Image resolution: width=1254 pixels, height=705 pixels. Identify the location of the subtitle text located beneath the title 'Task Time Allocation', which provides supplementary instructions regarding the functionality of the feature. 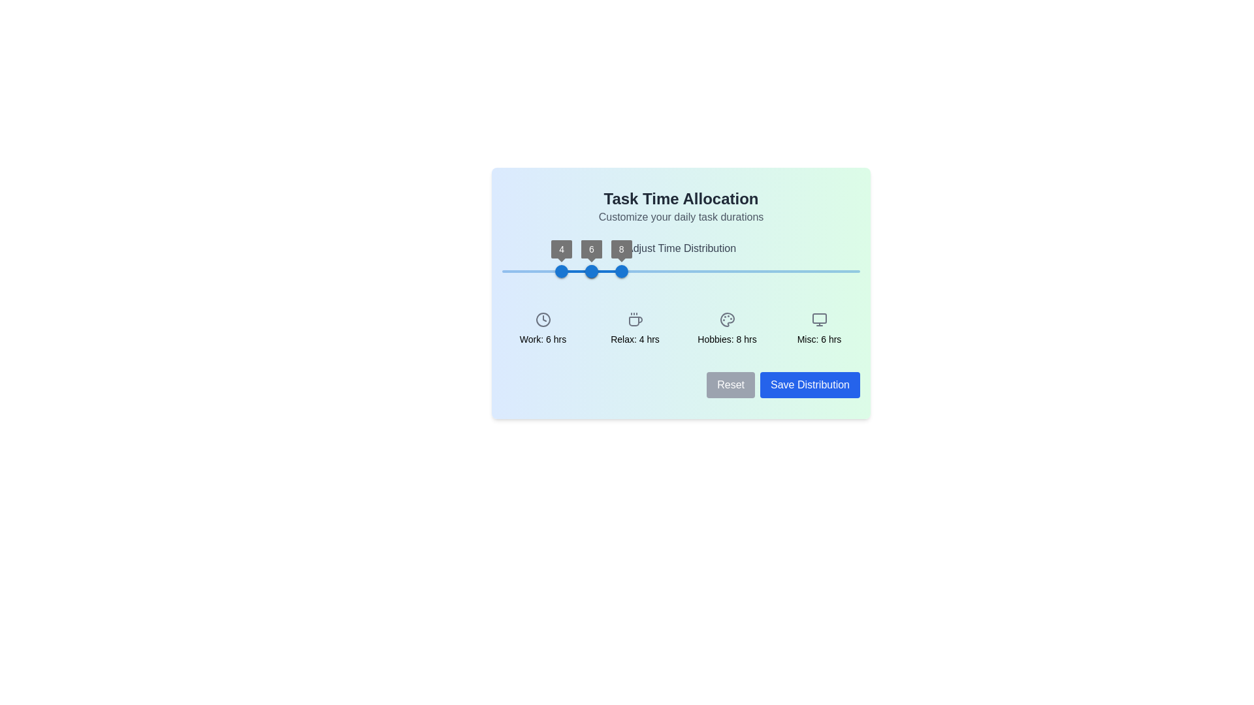
(680, 216).